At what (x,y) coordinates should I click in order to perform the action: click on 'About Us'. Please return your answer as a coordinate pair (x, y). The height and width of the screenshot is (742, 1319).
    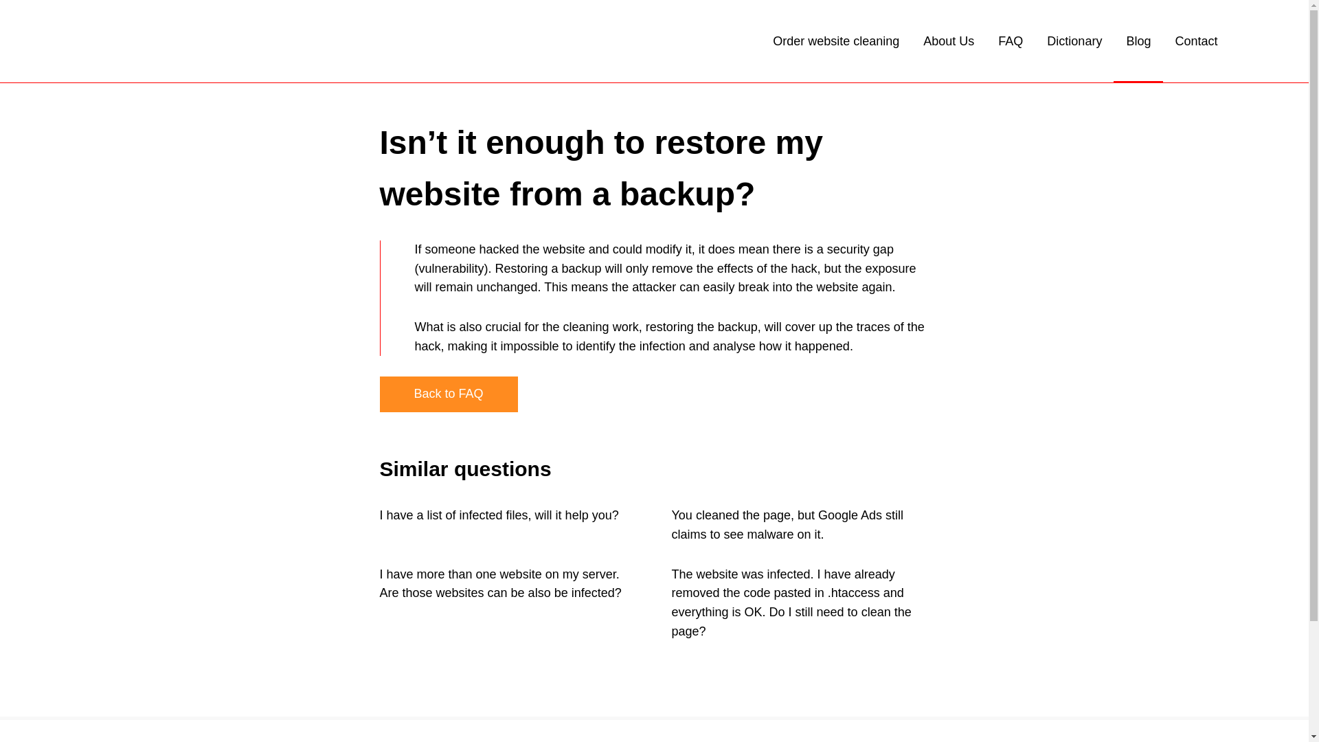
    Looking at the image, I should click on (923, 41).